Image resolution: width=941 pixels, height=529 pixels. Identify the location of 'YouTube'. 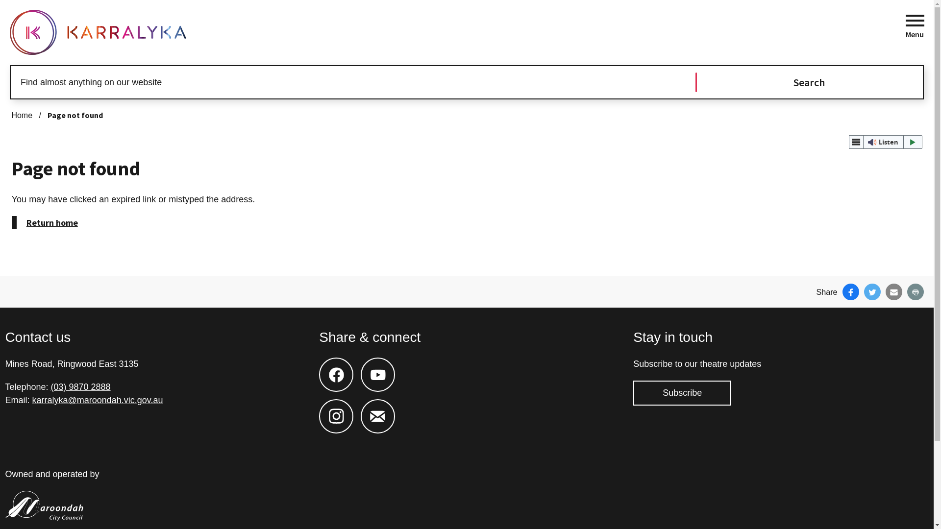
(377, 364).